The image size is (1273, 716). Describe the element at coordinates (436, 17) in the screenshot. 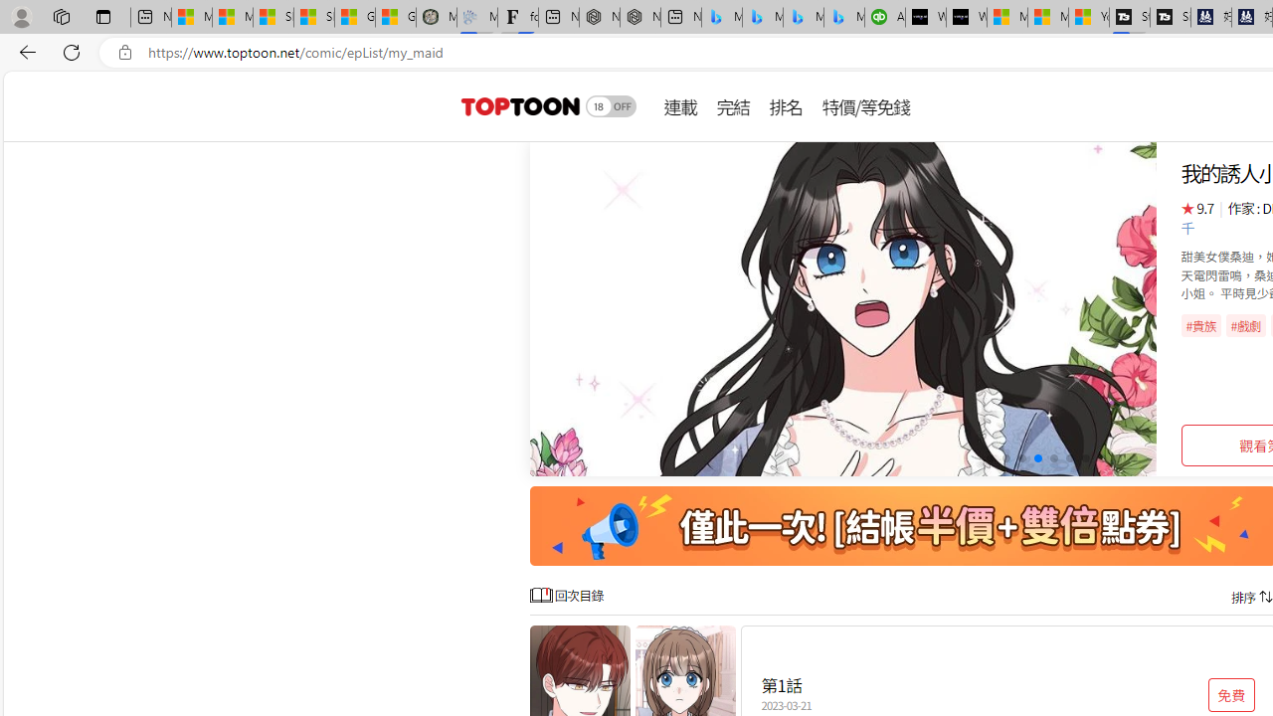

I see `'Manatee Mortality Statistics | FWC'` at that location.